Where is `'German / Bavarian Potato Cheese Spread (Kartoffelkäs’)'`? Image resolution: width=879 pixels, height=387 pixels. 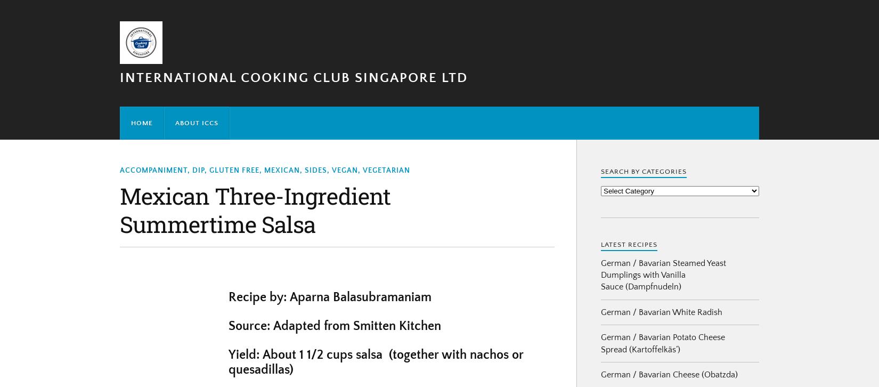
'German / Bavarian Potato Cheese Spread (Kartoffelkäs’)' is located at coordinates (662, 343).